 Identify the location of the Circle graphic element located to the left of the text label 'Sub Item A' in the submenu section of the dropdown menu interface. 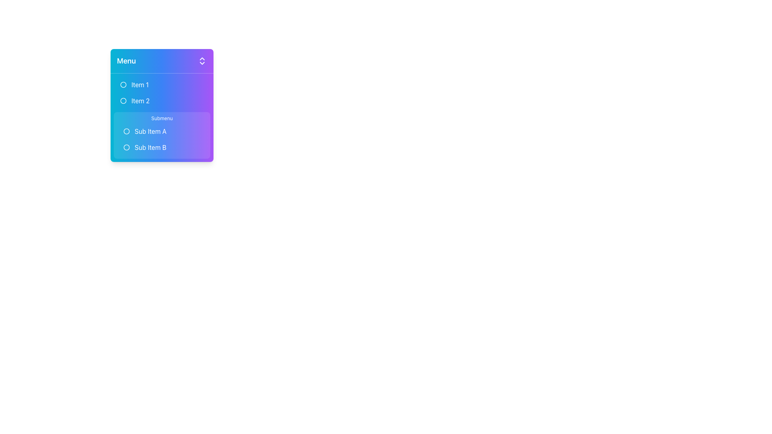
(126, 131).